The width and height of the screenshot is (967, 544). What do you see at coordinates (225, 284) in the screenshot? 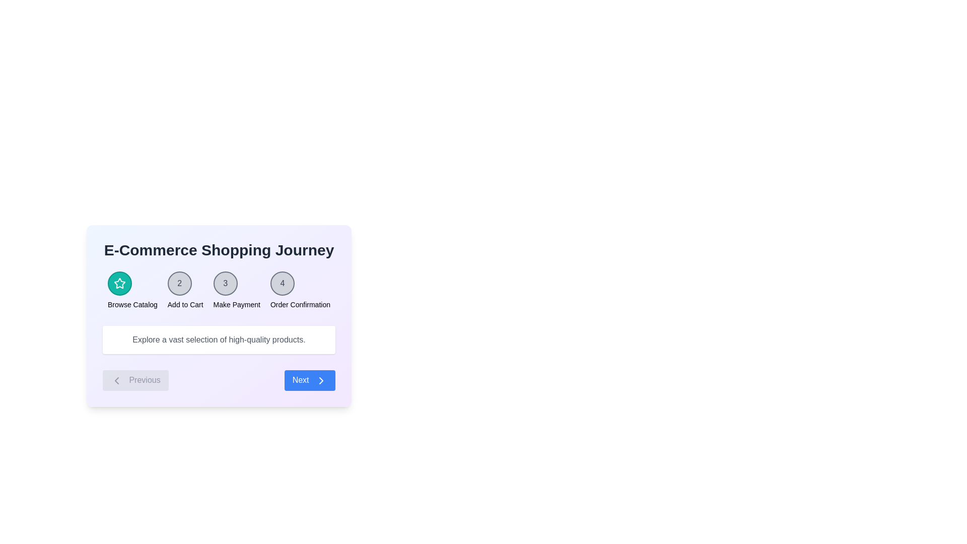
I see `the circular step indicator button labeled '3' with a gray background, located centrally under 'E-Commerce Shopping Journey' and above 'Make Payment'` at bounding box center [225, 284].